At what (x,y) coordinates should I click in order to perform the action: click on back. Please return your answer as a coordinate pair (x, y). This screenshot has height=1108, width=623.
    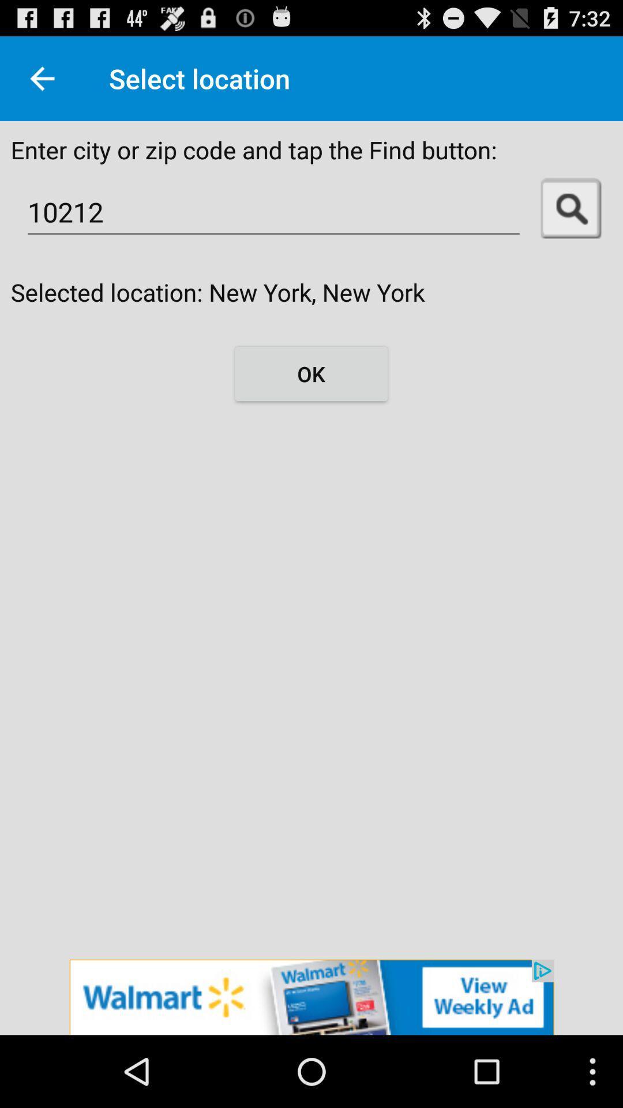
    Looking at the image, I should click on (42, 78).